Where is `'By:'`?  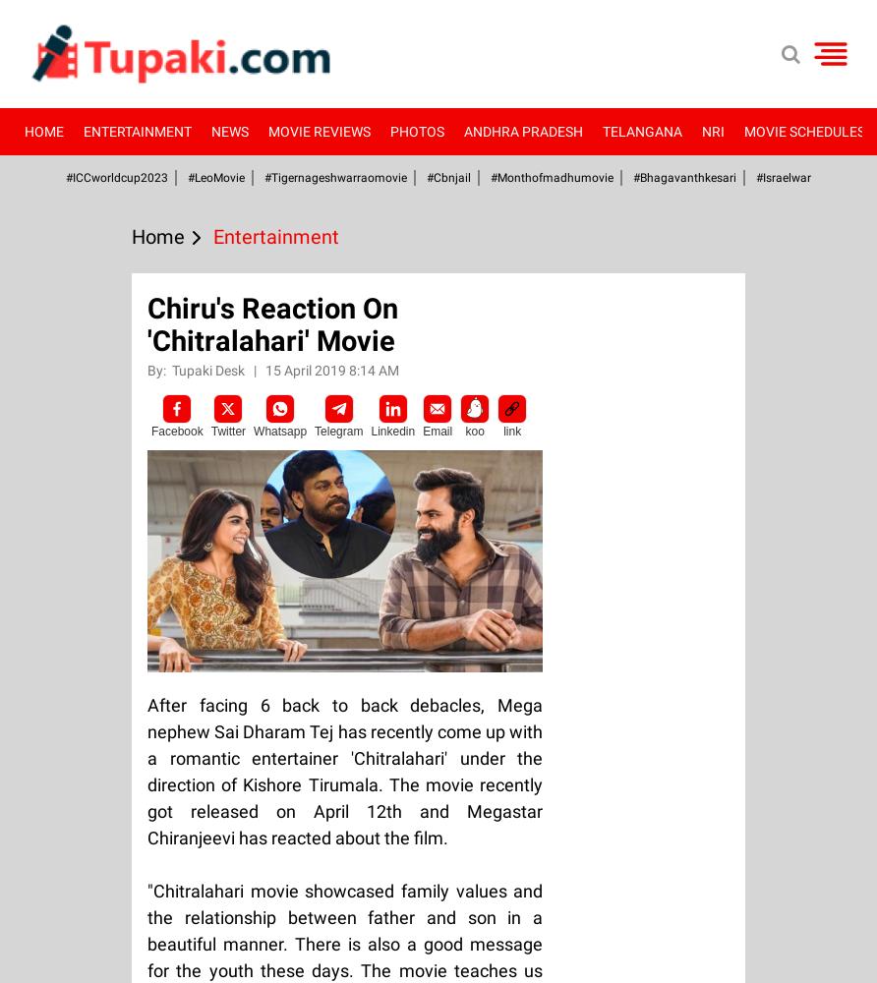
'By:' is located at coordinates (158, 371).